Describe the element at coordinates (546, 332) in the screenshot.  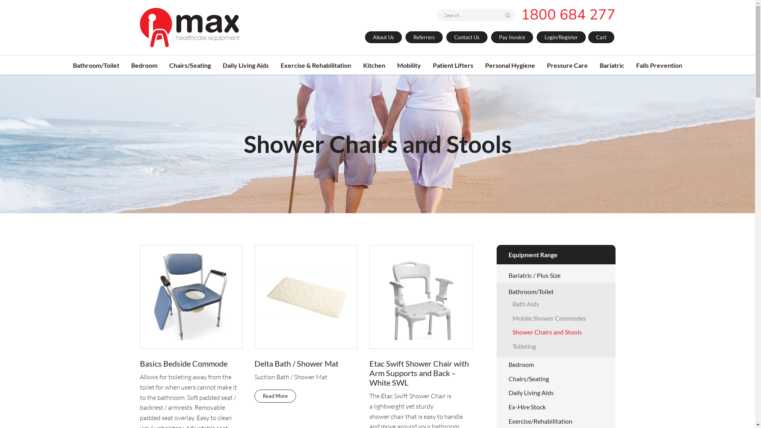
I see `'Shower Chairs and Stools'` at that location.